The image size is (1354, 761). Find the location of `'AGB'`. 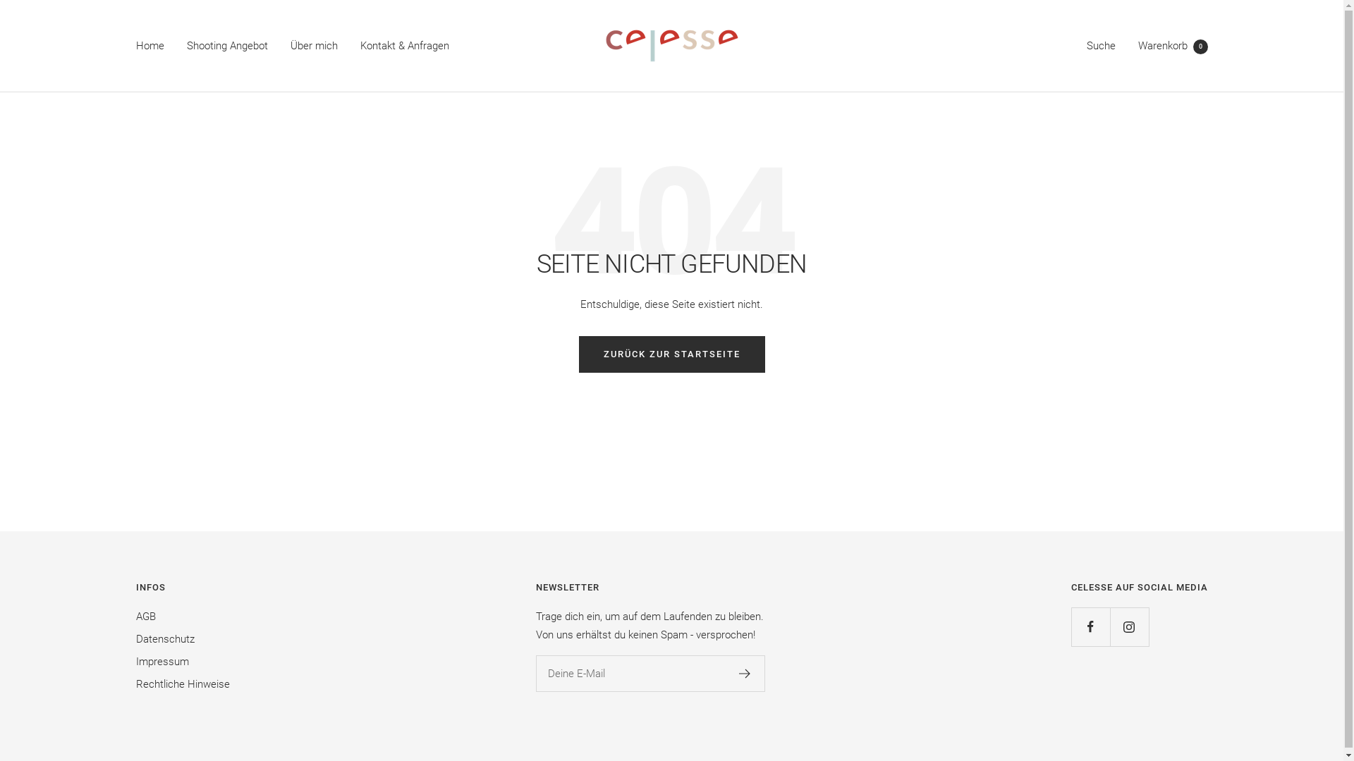

'AGB' is located at coordinates (145, 616).